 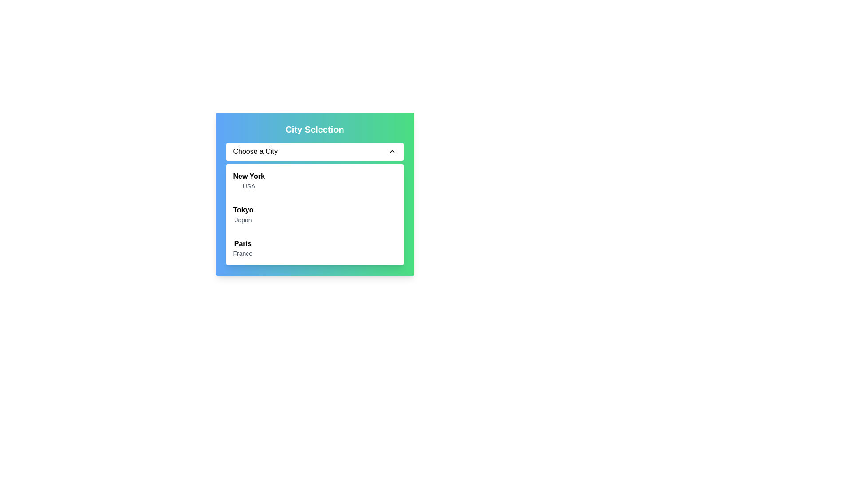 I want to click on the Dropdown menu button labeled 'Choose a City', so click(x=315, y=151).